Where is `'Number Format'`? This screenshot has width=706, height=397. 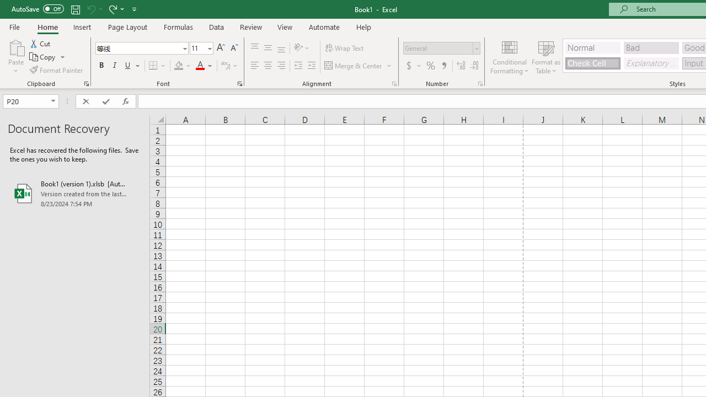
'Number Format' is located at coordinates (441, 47).